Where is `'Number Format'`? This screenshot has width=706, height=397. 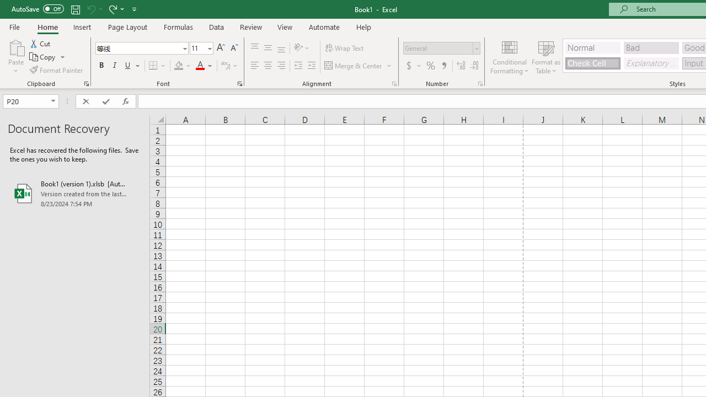
'Number Format' is located at coordinates (441, 47).